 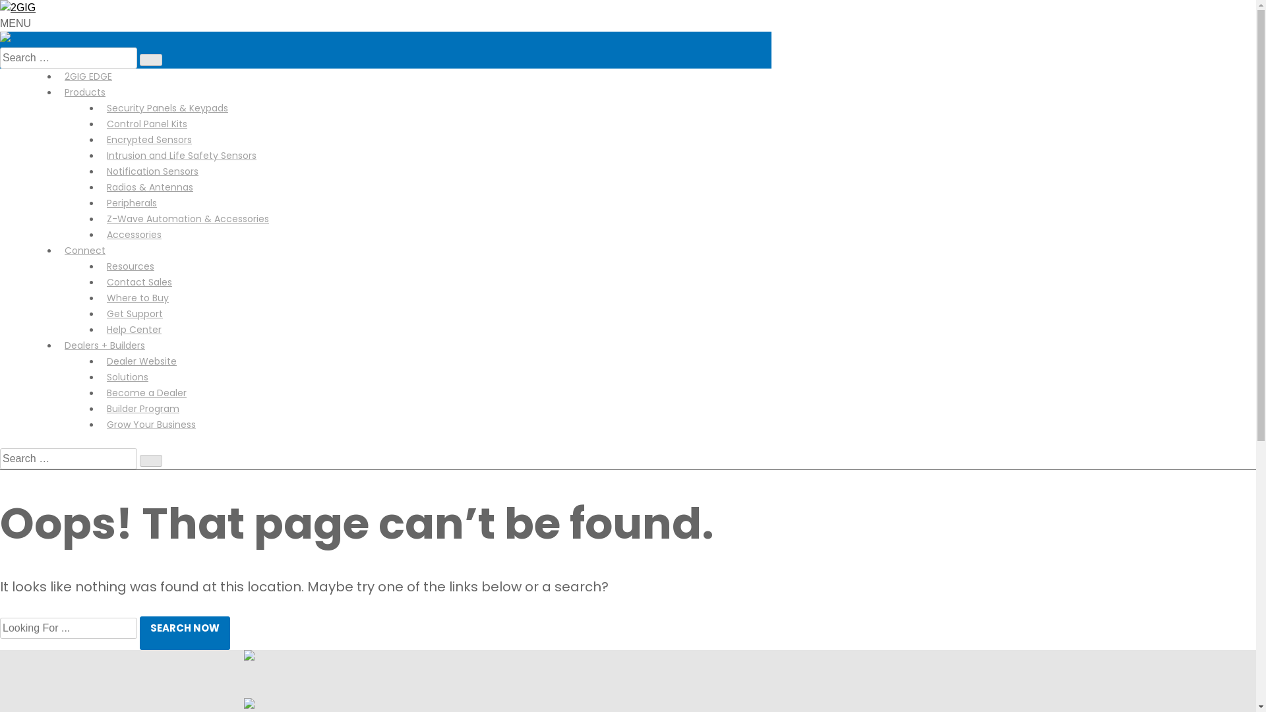 What do you see at coordinates (100, 154) in the screenshot?
I see `'Intrusion and Life Safety Sensors'` at bounding box center [100, 154].